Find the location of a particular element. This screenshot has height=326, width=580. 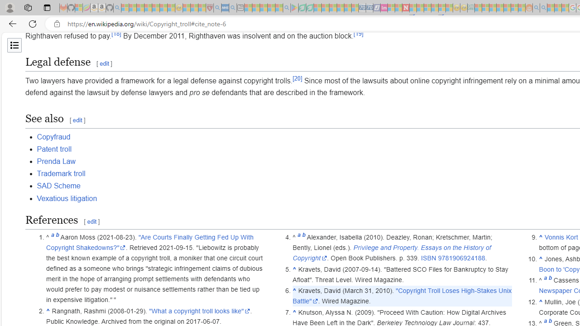

'utah sues federal government - Search - Sleeping' is located at coordinates (232, 8).